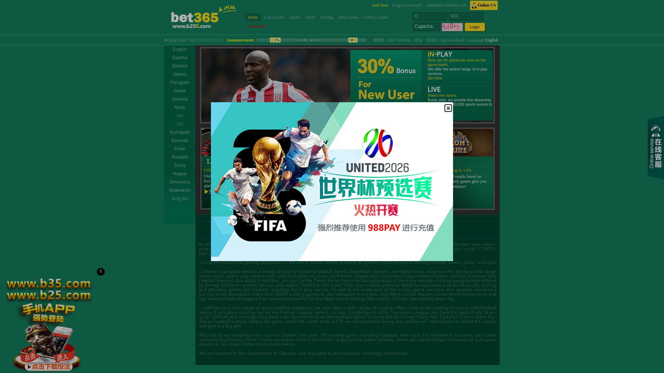 This screenshot has height=373, width=664. What do you see at coordinates (399, 40) in the screenshot?
I see `'Joint Ventures'` at bounding box center [399, 40].